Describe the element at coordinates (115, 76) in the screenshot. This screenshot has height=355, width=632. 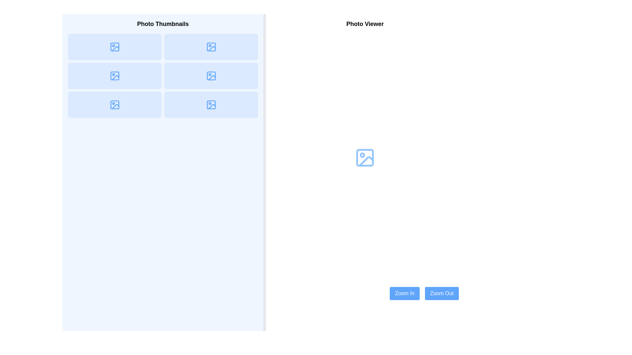
I see `the SVG icon representing an image placeholder located in the 'Photo Thumbnails' section, positioned in the second row and first column of the grid layout` at that location.